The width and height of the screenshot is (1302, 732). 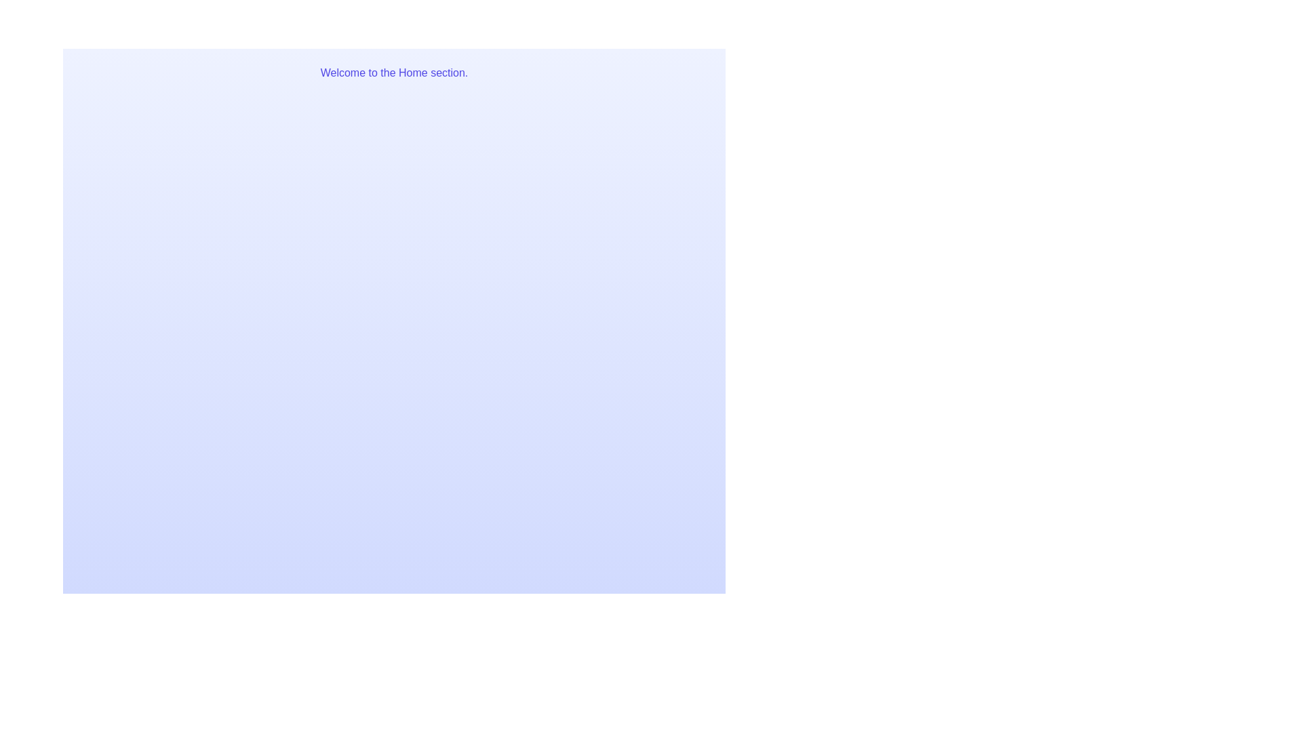 I want to click on the welcome message Text Label located at the top edge of the interface, so click(x=393, y=73).